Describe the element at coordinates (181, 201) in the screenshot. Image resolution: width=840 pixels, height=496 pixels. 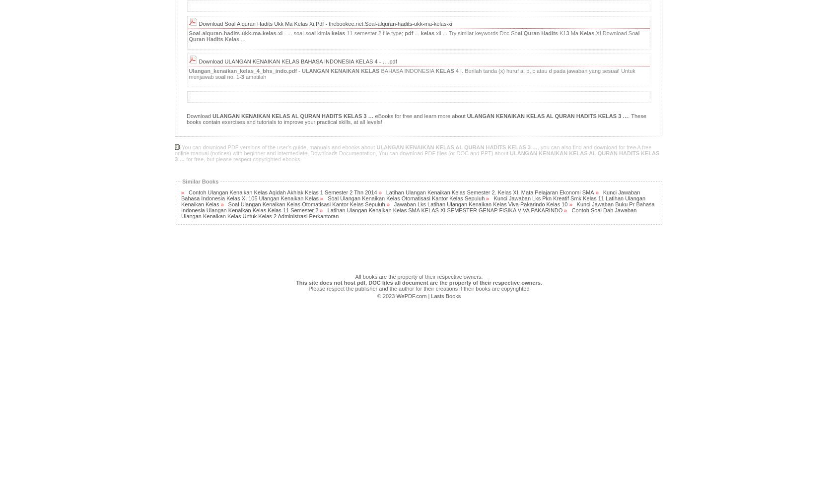
I see `'Kunci Jawaban Lks Pkn Kreatif Smk Kelas 11 Latihan Ulangan Kenaikan Kelas'` at that location.